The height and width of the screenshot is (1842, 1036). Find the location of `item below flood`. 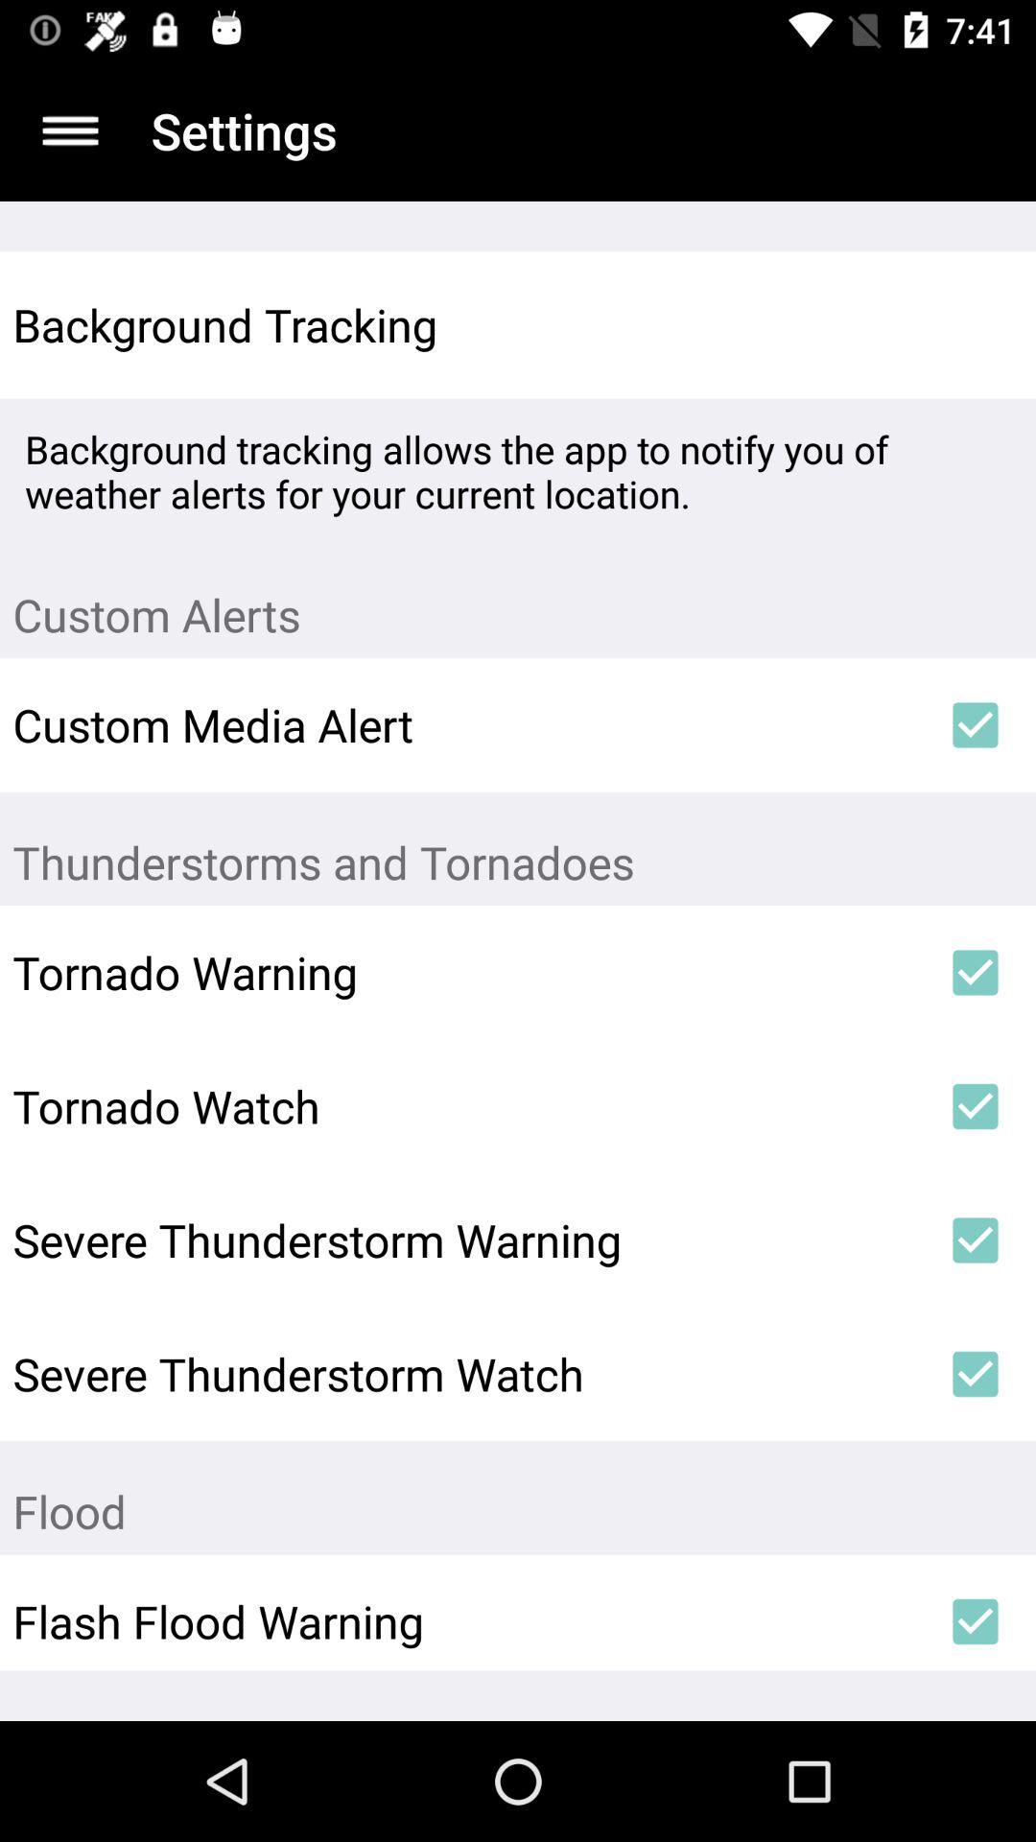

item below flood is located at coordinates (976, 1620).